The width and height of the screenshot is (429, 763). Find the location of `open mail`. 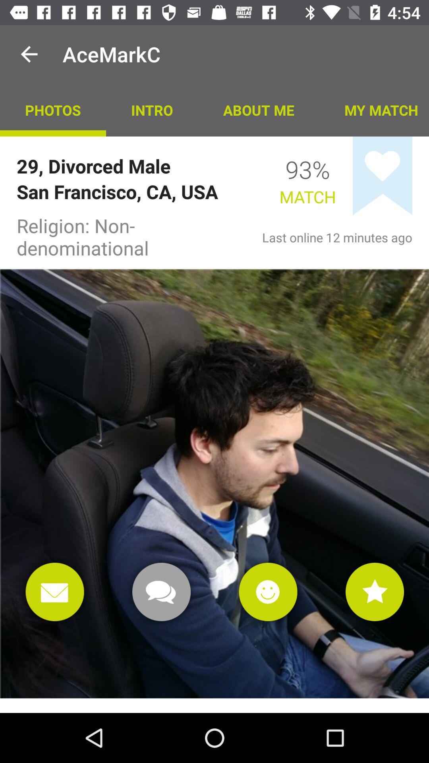

open mail is located at coordinates (54, 592).